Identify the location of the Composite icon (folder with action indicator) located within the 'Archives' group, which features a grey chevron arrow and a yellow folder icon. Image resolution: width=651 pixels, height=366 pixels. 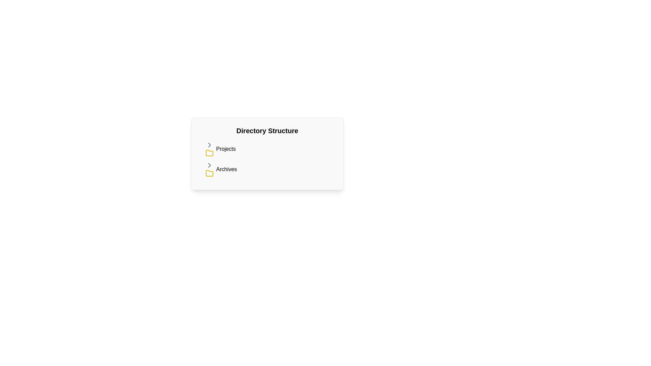
(210, 169).